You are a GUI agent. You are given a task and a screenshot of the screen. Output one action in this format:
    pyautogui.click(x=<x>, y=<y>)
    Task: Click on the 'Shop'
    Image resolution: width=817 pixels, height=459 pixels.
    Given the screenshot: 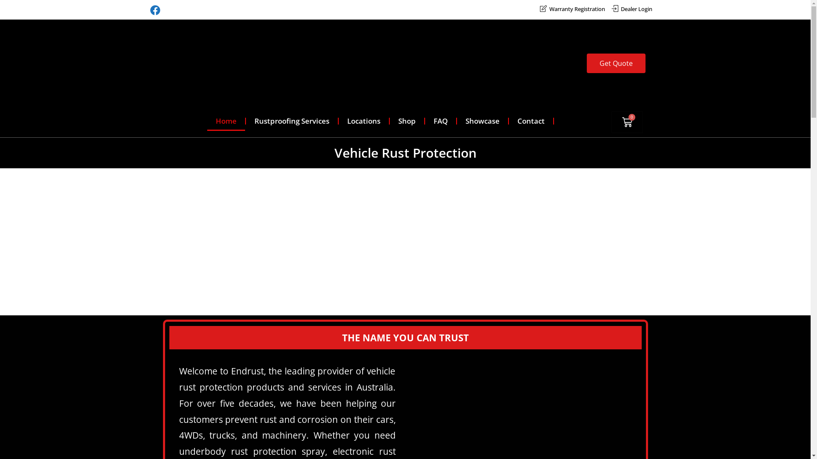 What is the action you would take?
    pyautogui.click(x=406, y=121)
    